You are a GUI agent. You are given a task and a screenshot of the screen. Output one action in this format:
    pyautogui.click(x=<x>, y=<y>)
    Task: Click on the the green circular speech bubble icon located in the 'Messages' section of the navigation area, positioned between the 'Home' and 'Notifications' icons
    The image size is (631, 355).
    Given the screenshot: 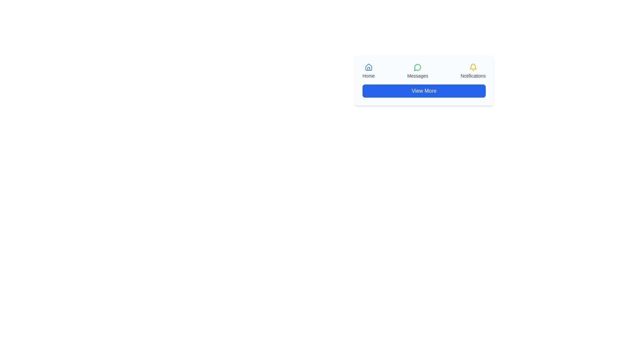 What is the action you would take?
    pyautogui.click(x=417, y=67)
    